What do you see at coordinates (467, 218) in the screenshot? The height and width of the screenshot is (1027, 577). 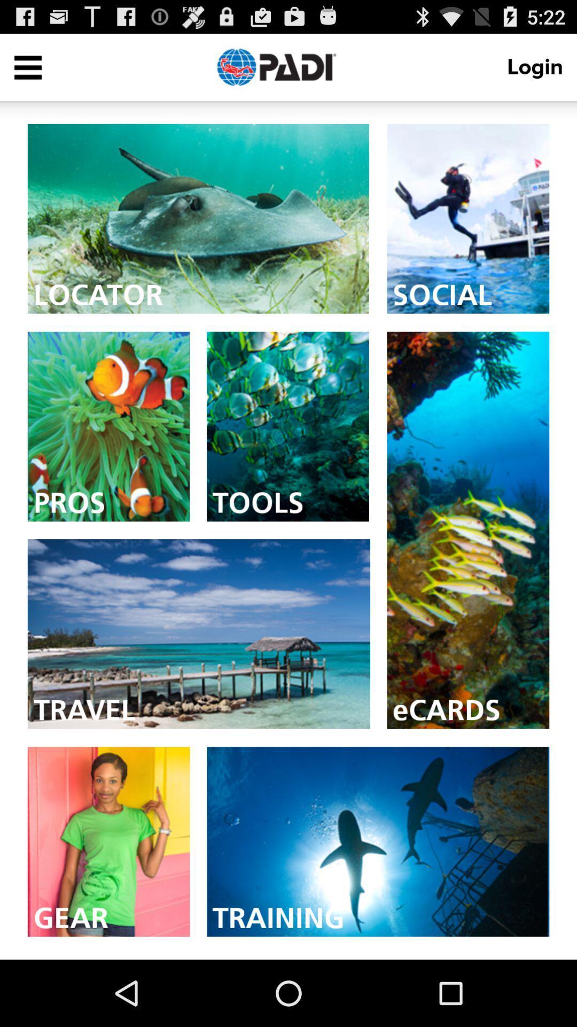 I see `website` at bounding box center [467, 218].